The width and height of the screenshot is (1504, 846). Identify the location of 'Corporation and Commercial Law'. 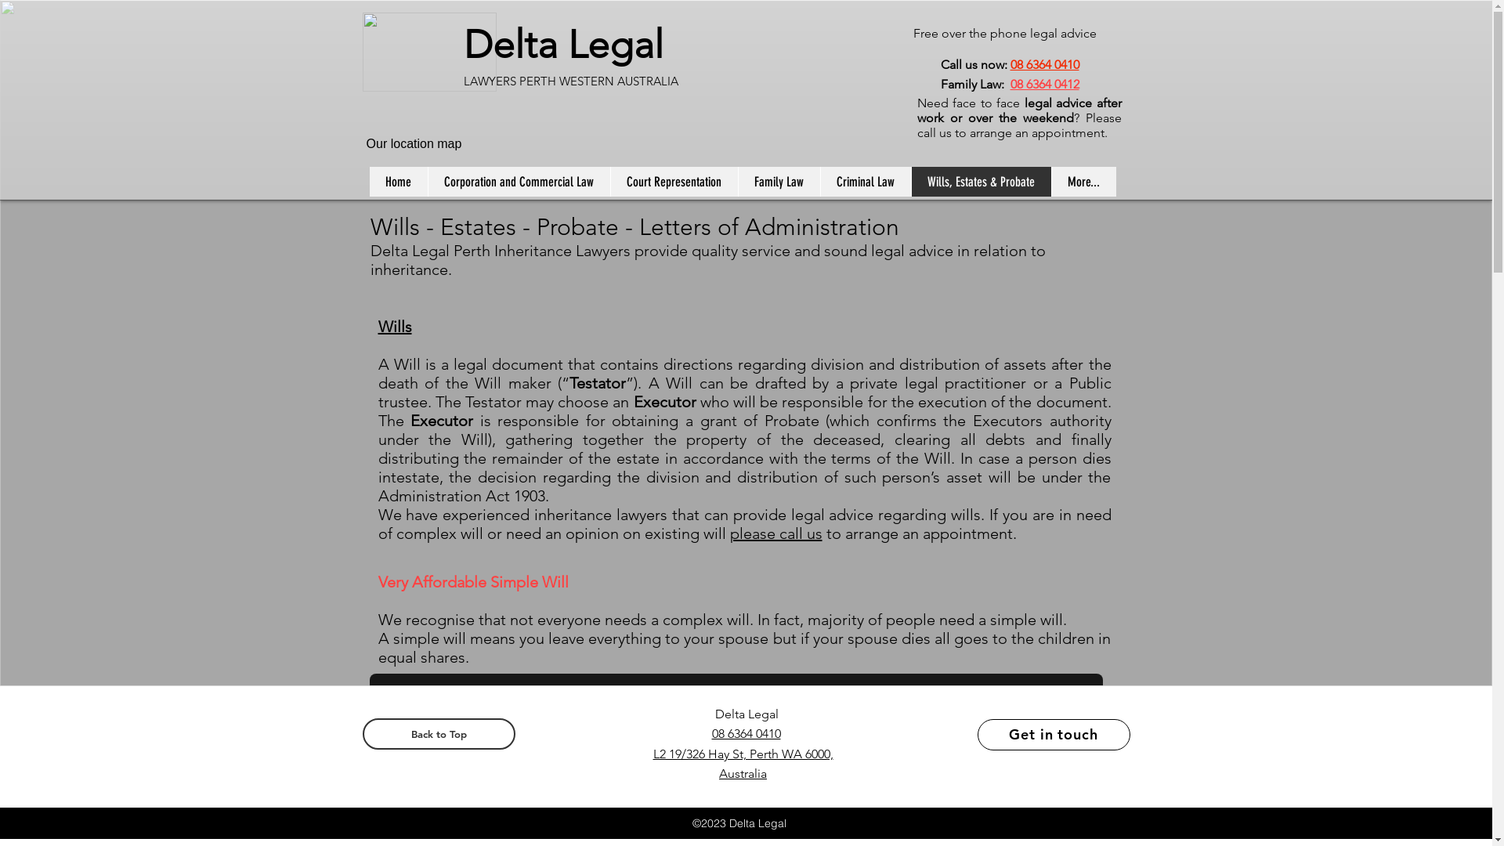
(519, 180).